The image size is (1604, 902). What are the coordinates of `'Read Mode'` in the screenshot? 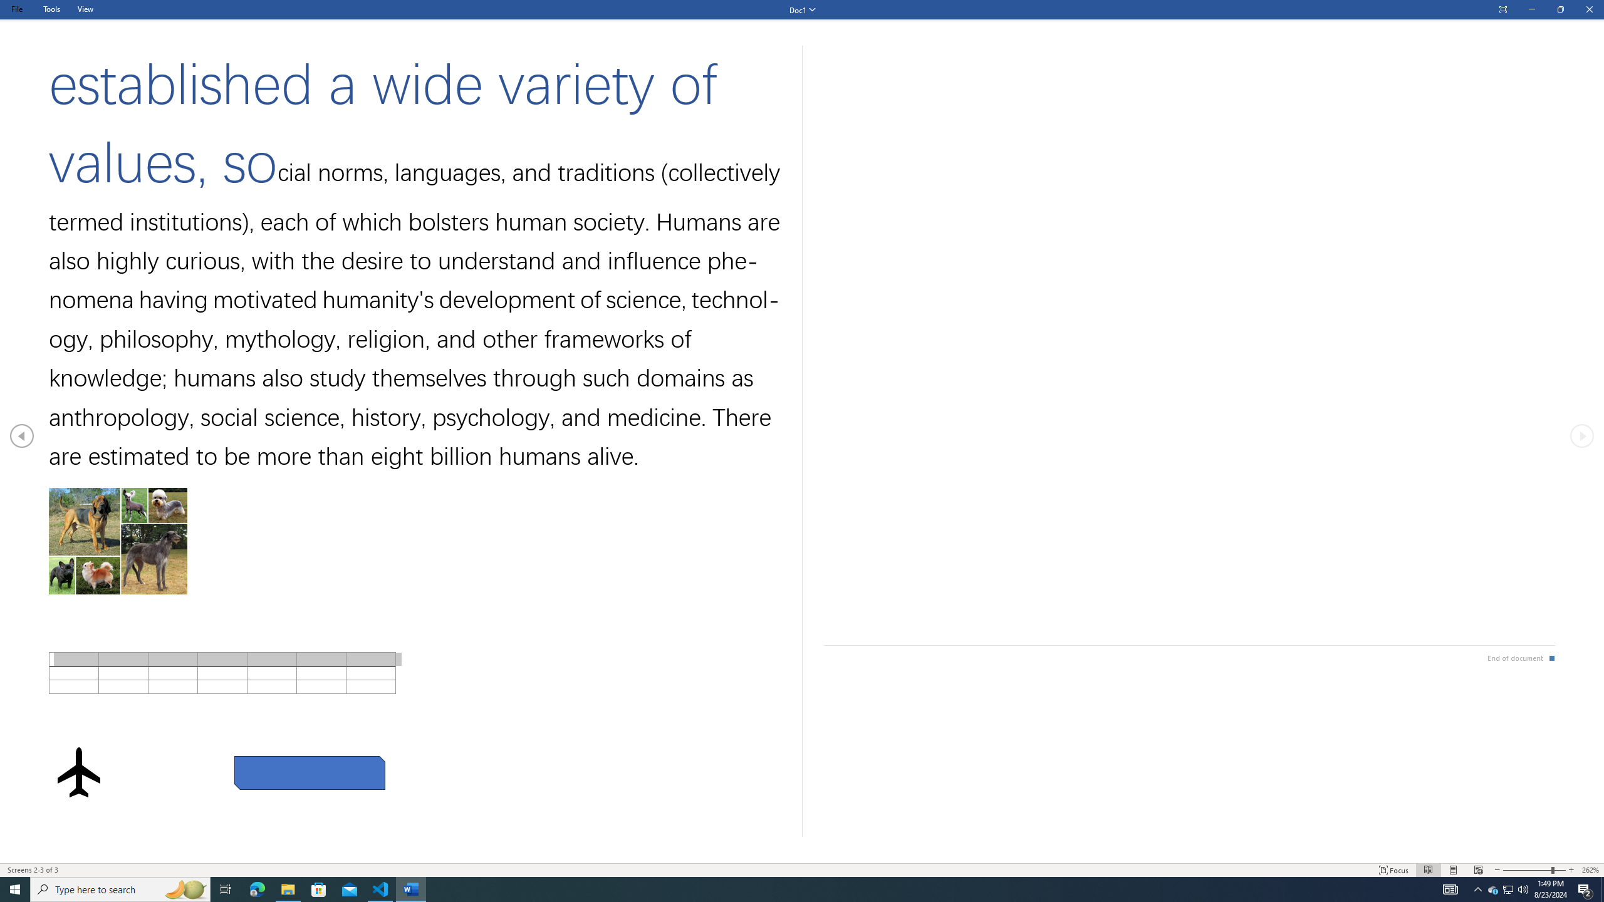 It's located at (1427, 870).